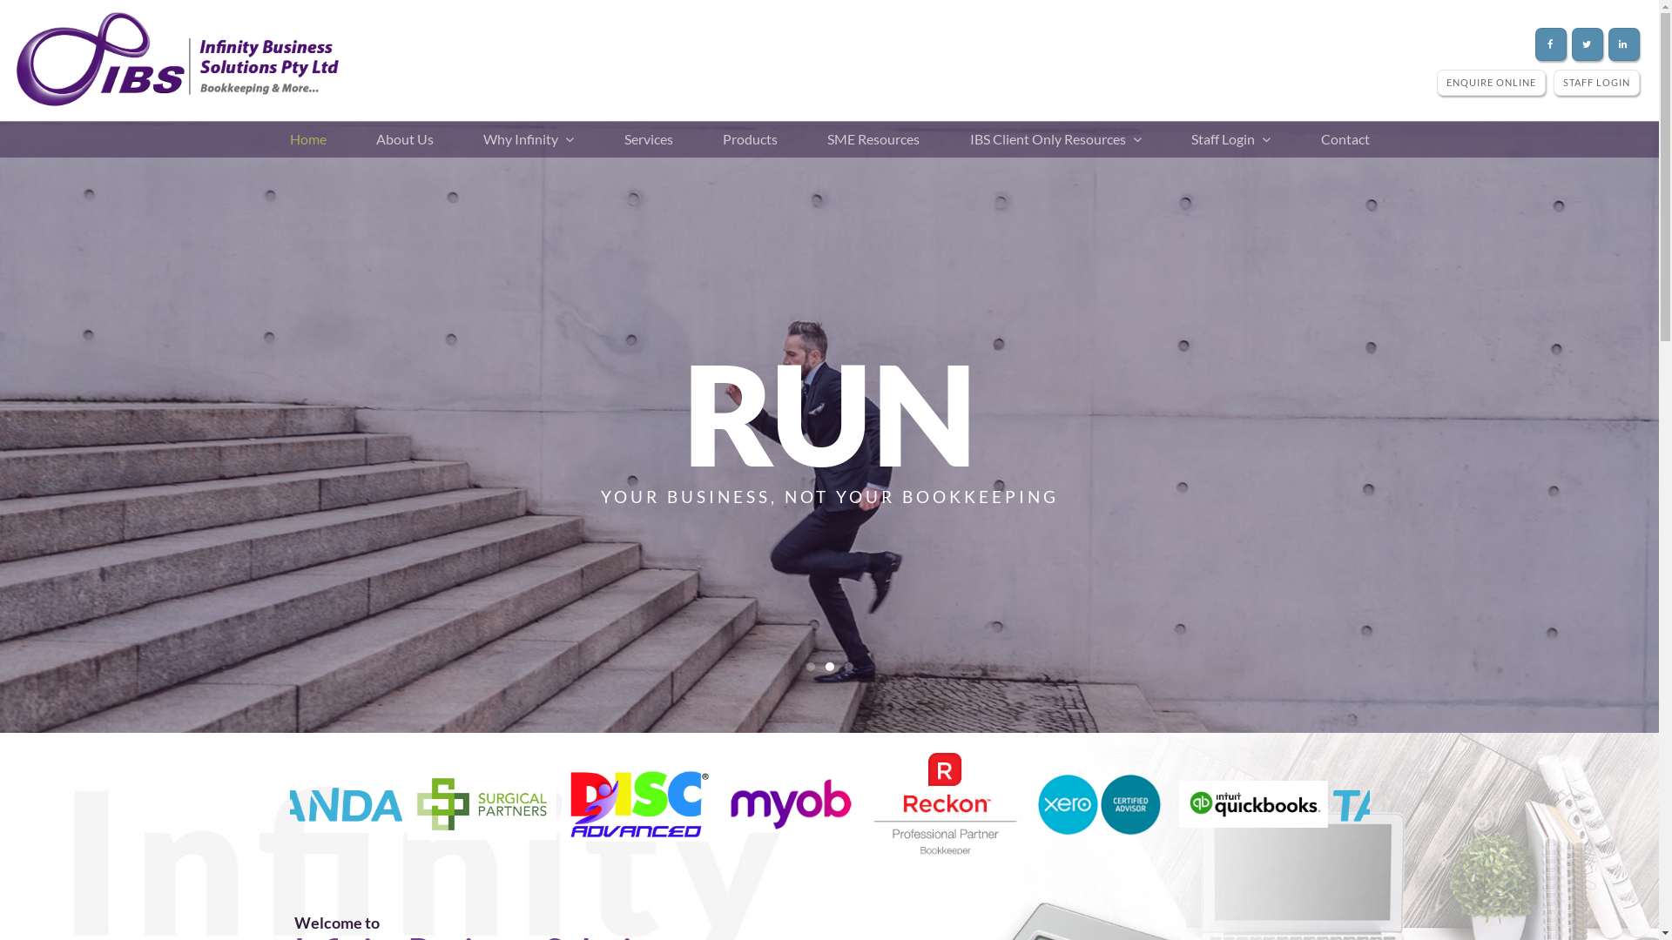 This screenshot has height=940, width=1672. What do you see at coordinates (280, 138) in the screenshot?
I see `'Home'` at bounding box center [280, 138].